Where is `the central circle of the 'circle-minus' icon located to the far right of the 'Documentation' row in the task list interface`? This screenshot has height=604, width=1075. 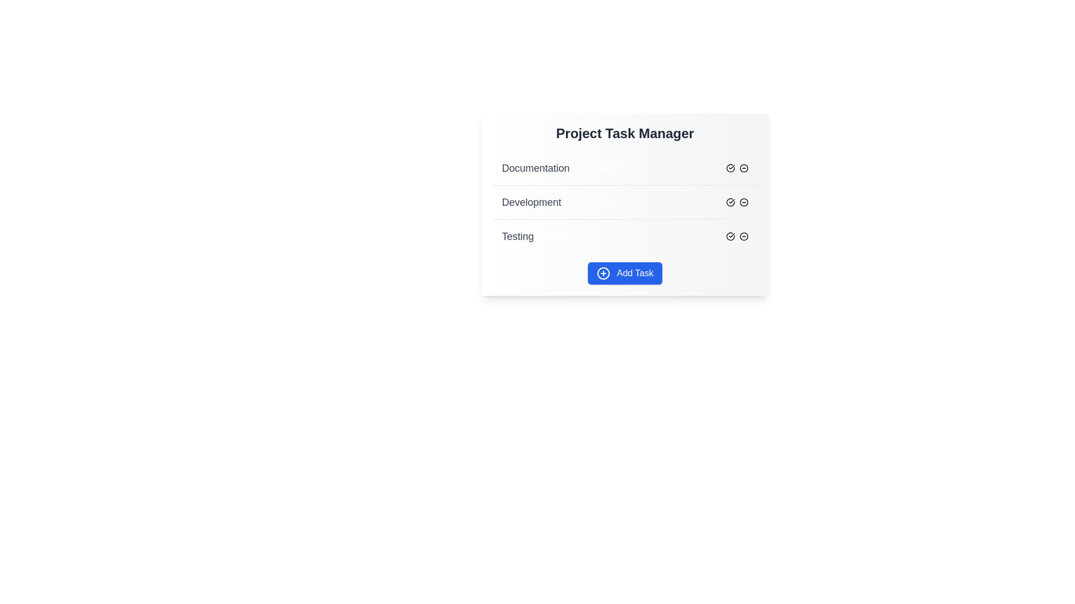
the central circle of the 'circle-minus' icon located to the far right of the 'Documentation' row in the task list interface is located at coordinates (744, 168).